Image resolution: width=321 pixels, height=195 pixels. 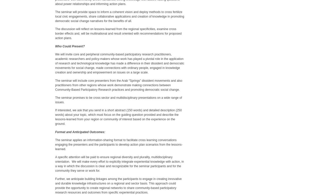 What do you see at coordinates (119, 164) in the screenshot?
I see `'A specific attention will be paid to ensure regional diversity and plurality, multidisciplinary orientation.  We will make every effort to explicitly integrate experiential knowledge with action, in a way in which the discussion is clear and recognizable for the seminar participants and for the community they serve or work for.'` at bounding box center [119, 164].